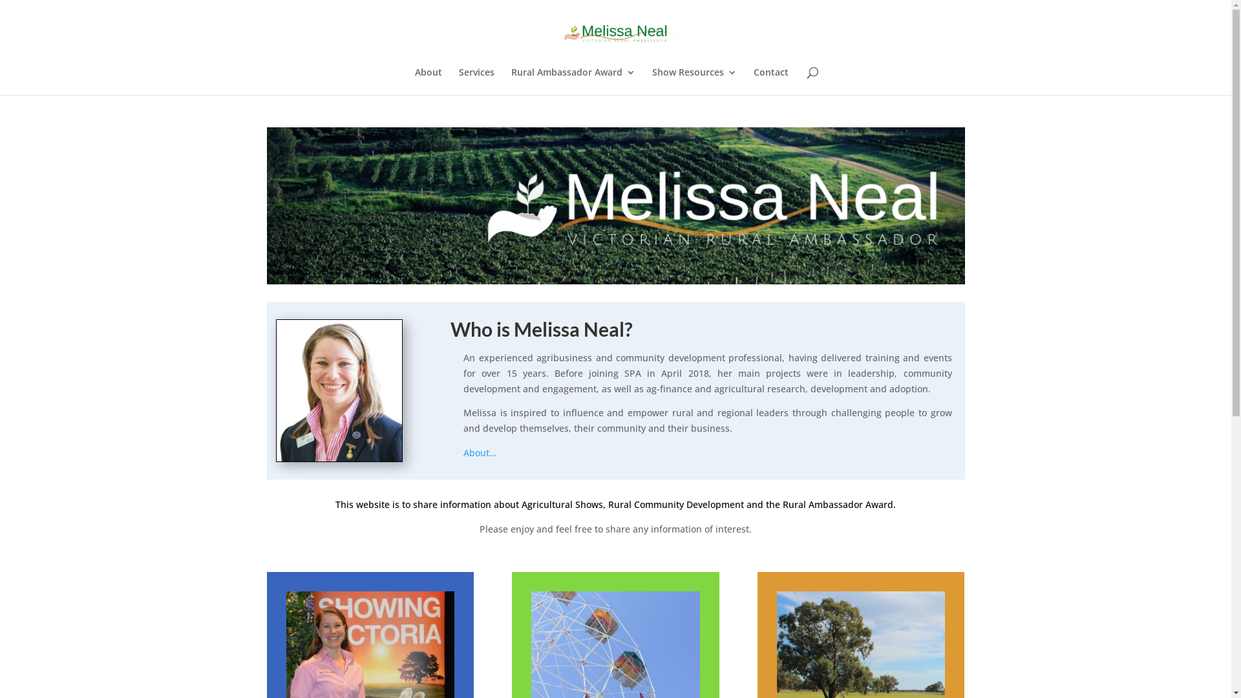  What do you see at coordinates (693, 81) in the screenshot?
I see `'Show Resources'` at bounding box center [693, 81].